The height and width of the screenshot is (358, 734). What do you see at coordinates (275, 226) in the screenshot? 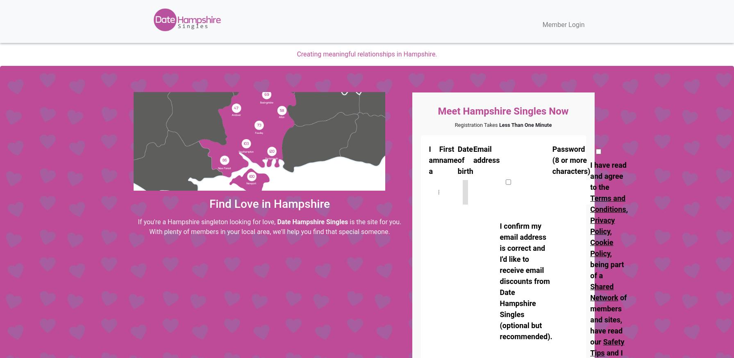
I see `'is the site for you. With plenty of members in your local area, we'll help you
find that special someone.'` at bounding box center [275, 226].